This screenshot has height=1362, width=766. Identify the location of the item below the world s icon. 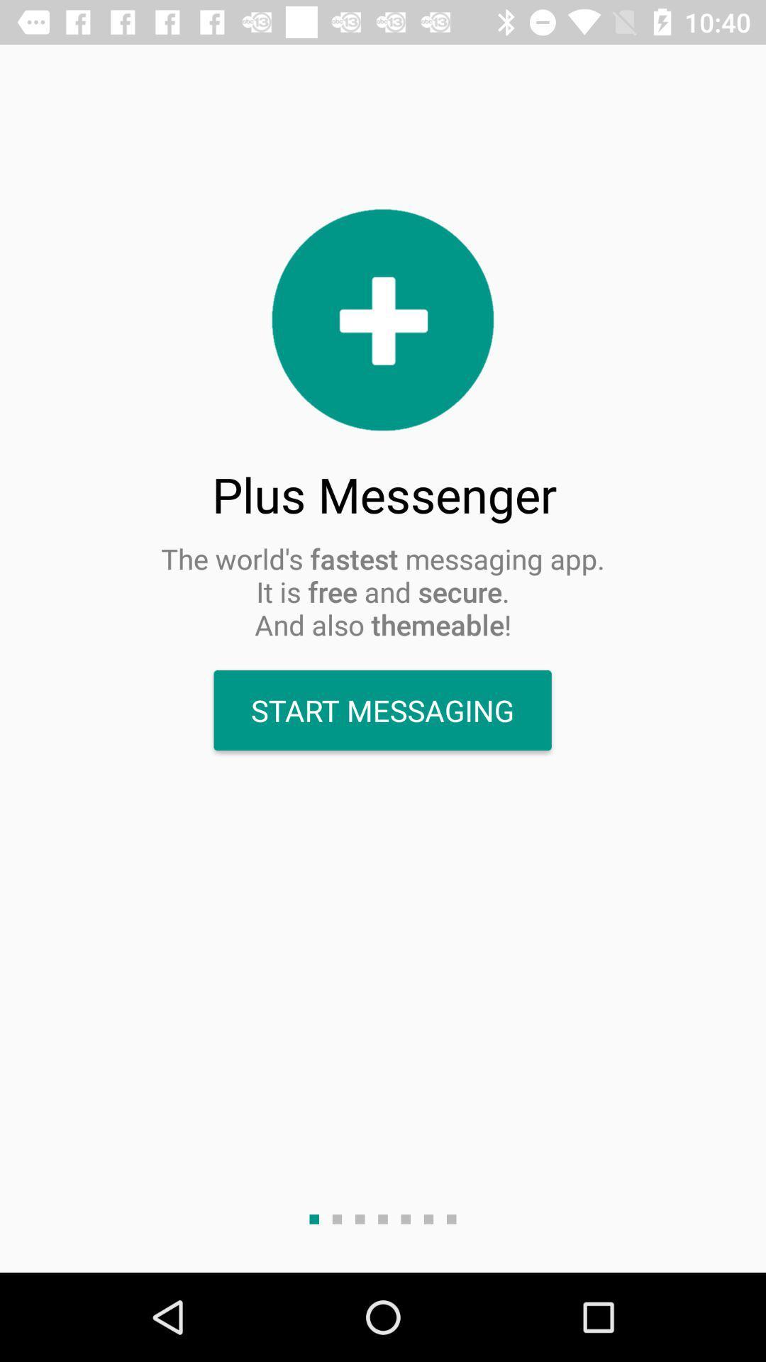
(382, 710).